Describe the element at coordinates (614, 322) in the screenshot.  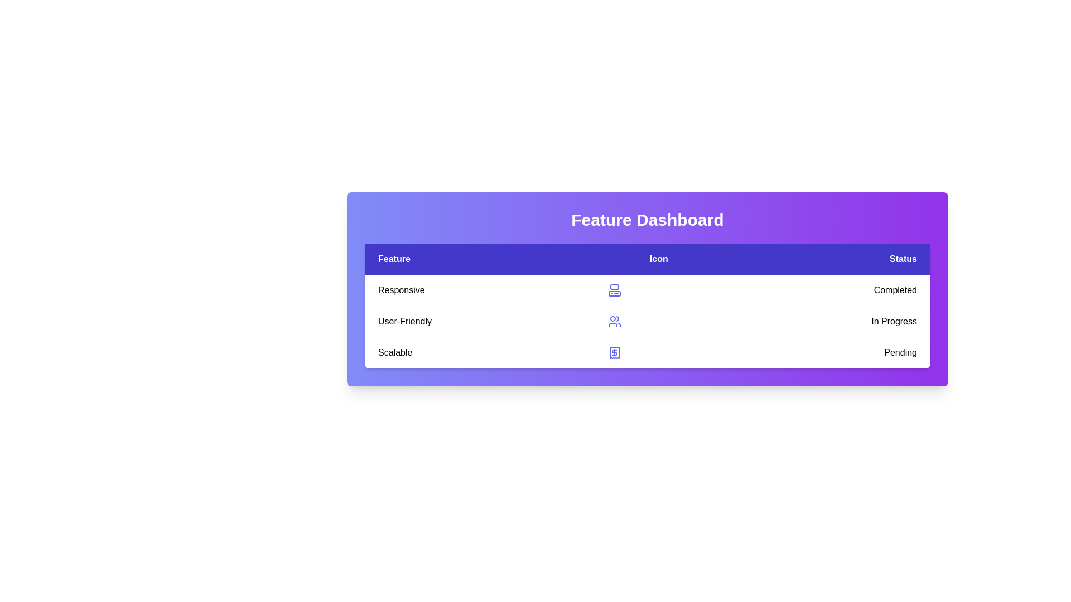
I see `the 'User-Friendly' icon located in the second row of the 'Icon' column in the 'Feature Dashboard' table` at that location.